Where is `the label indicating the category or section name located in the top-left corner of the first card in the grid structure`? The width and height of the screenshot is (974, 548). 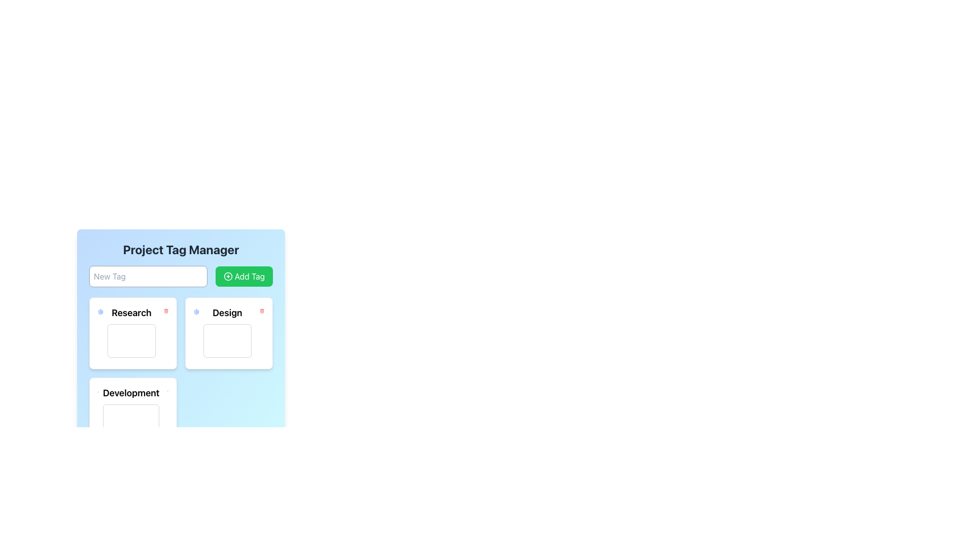 the label indicating the category or section name located in the top-left corner of the first card in the grid structure is located at coordinates (131, 313).